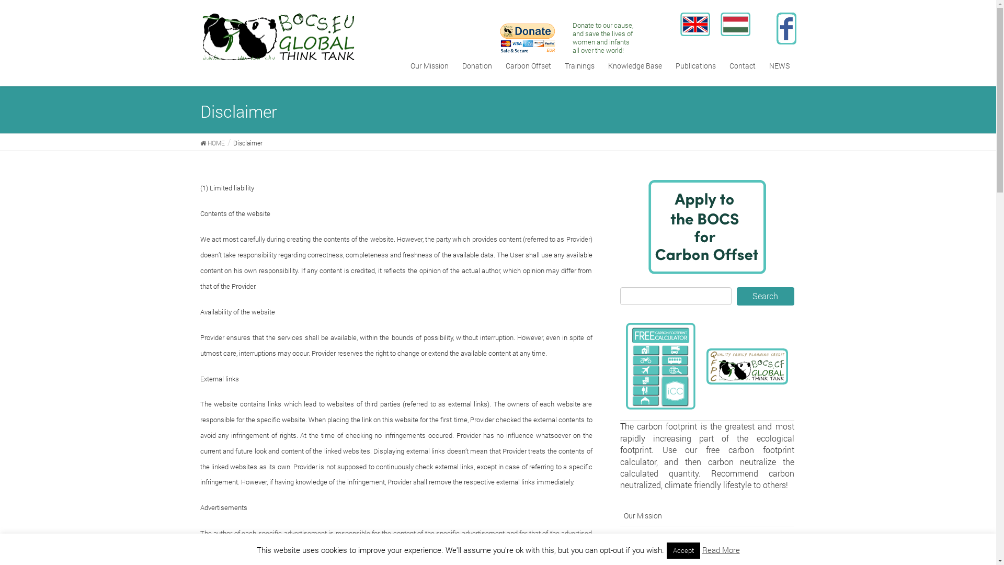 The height and width of the screenshot is (565, 1004). Describe the element at coordinates (528, 65) in the screenshot. I see `'Carbon Offset'` at that location.